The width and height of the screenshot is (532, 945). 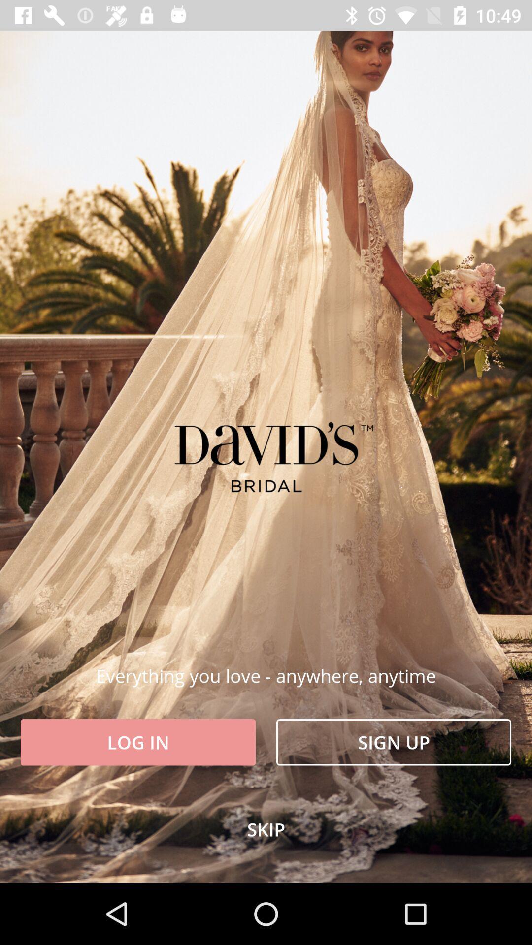 What do you see at coordinates (393, 742) in the screenshot?
I see `item to the right of the log in icon` at bounding box center [393, 742].